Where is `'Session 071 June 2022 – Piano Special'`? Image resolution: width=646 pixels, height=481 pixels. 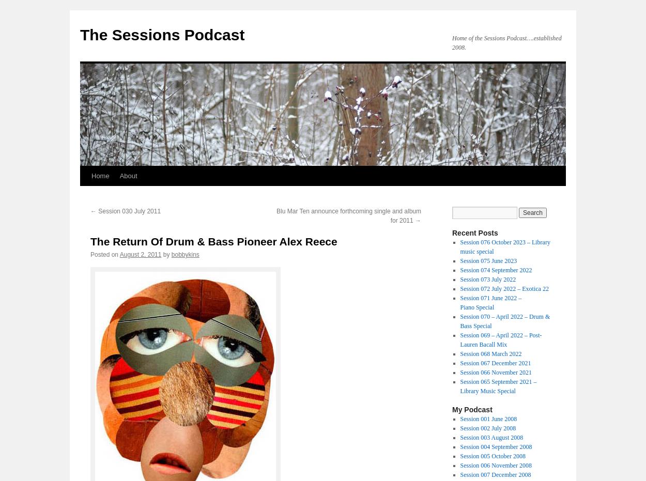
'Session 071 June 2022 – Piano Special' is located at coordinates (490, 302).